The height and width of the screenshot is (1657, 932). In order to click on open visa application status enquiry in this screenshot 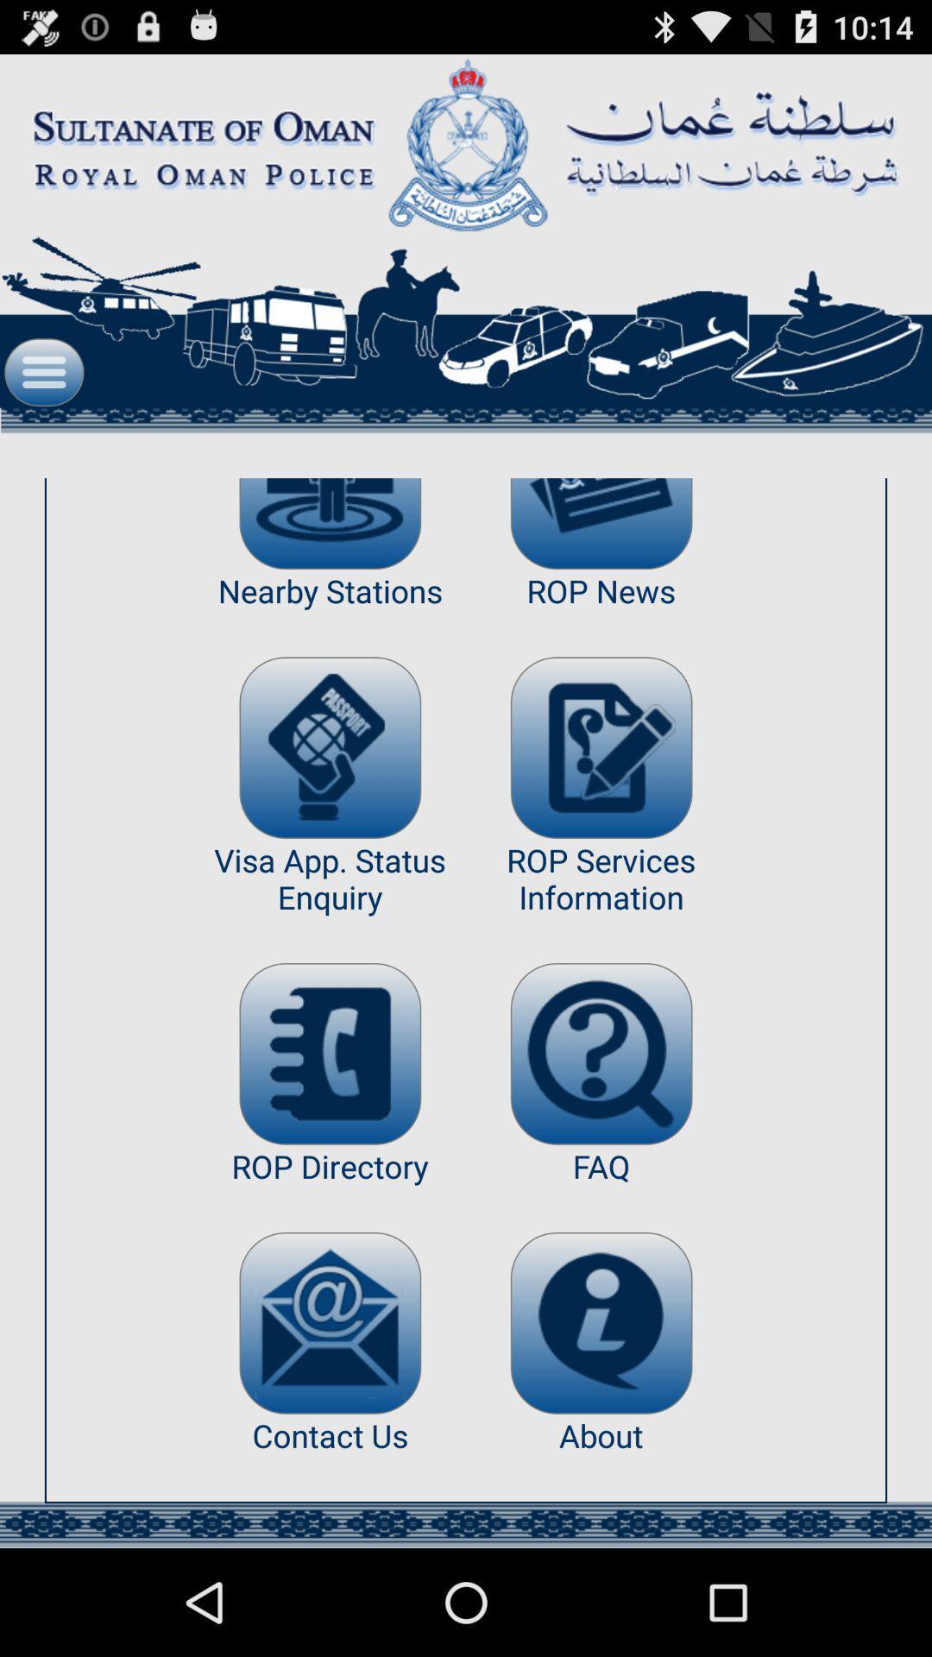, I will do `click(330, 747)`.